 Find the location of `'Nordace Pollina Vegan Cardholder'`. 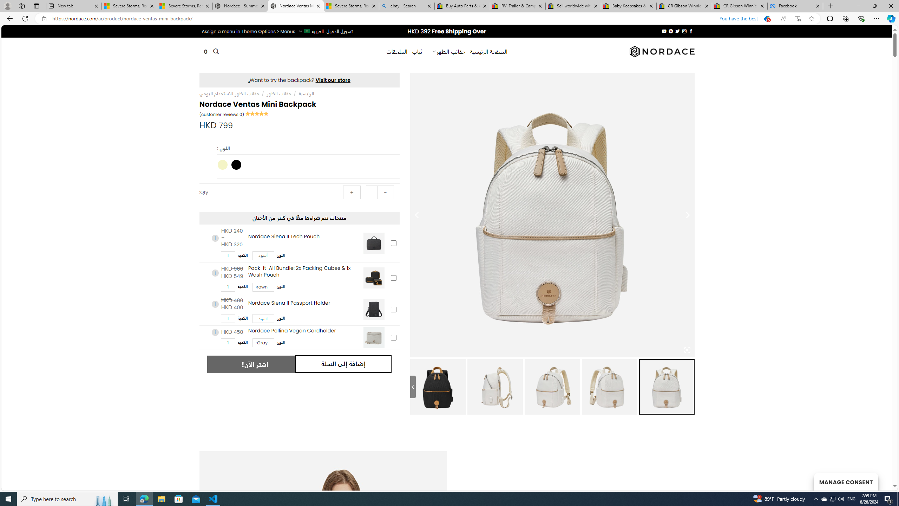

'Nordace Pollina Vegan Cardholder' is located at coordinates (373, 337).